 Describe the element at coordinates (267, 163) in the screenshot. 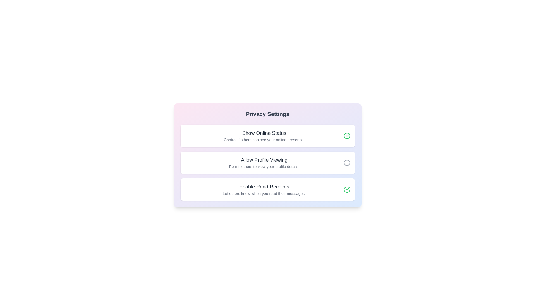

I see `the option element Allow Profile Viewing to inspect its hover state` at that location.